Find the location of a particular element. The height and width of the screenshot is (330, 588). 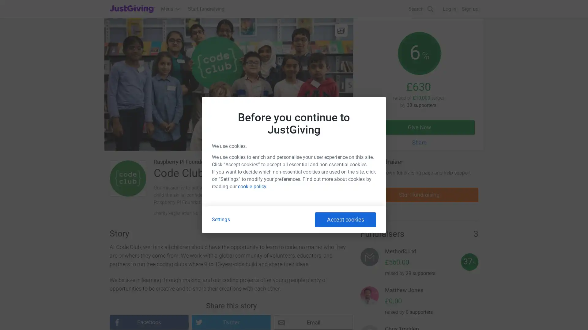

Open the Image Gallery is located at coordinates (228, 84).